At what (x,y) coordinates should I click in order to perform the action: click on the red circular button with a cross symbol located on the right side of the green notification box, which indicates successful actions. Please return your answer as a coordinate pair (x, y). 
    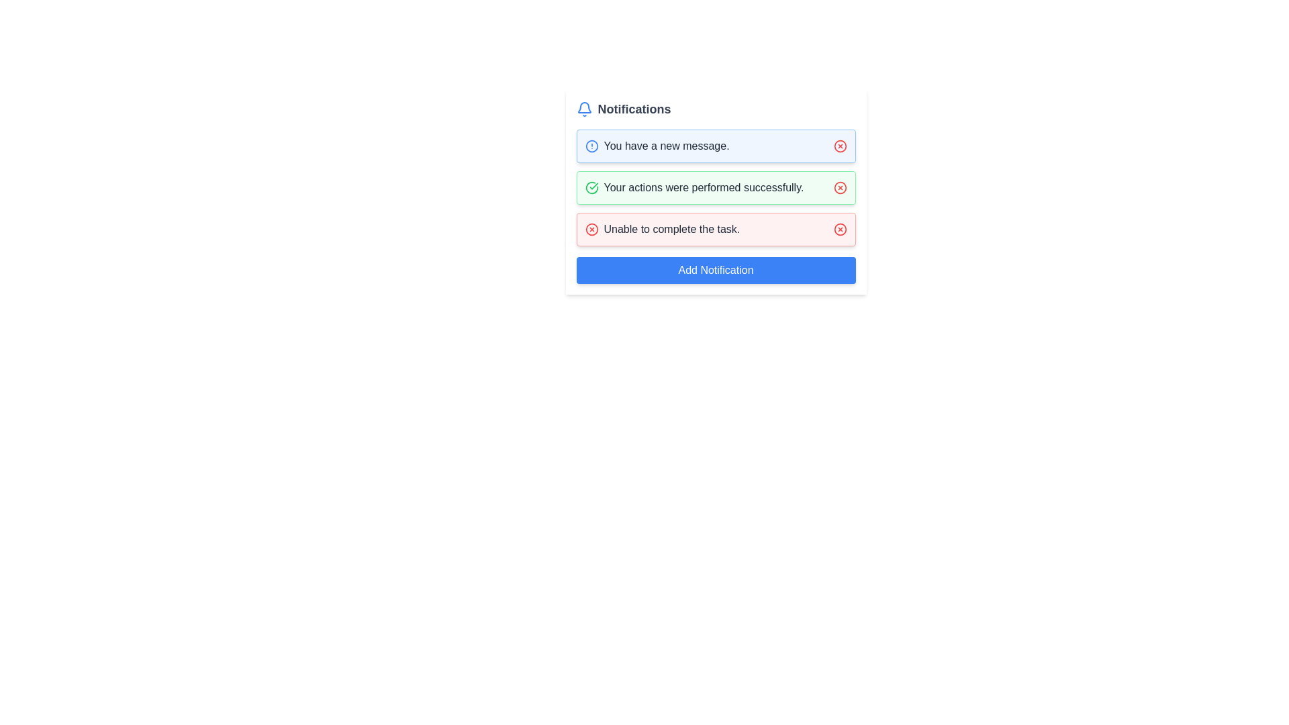
    Looking at the image, I should click on (839, 188).